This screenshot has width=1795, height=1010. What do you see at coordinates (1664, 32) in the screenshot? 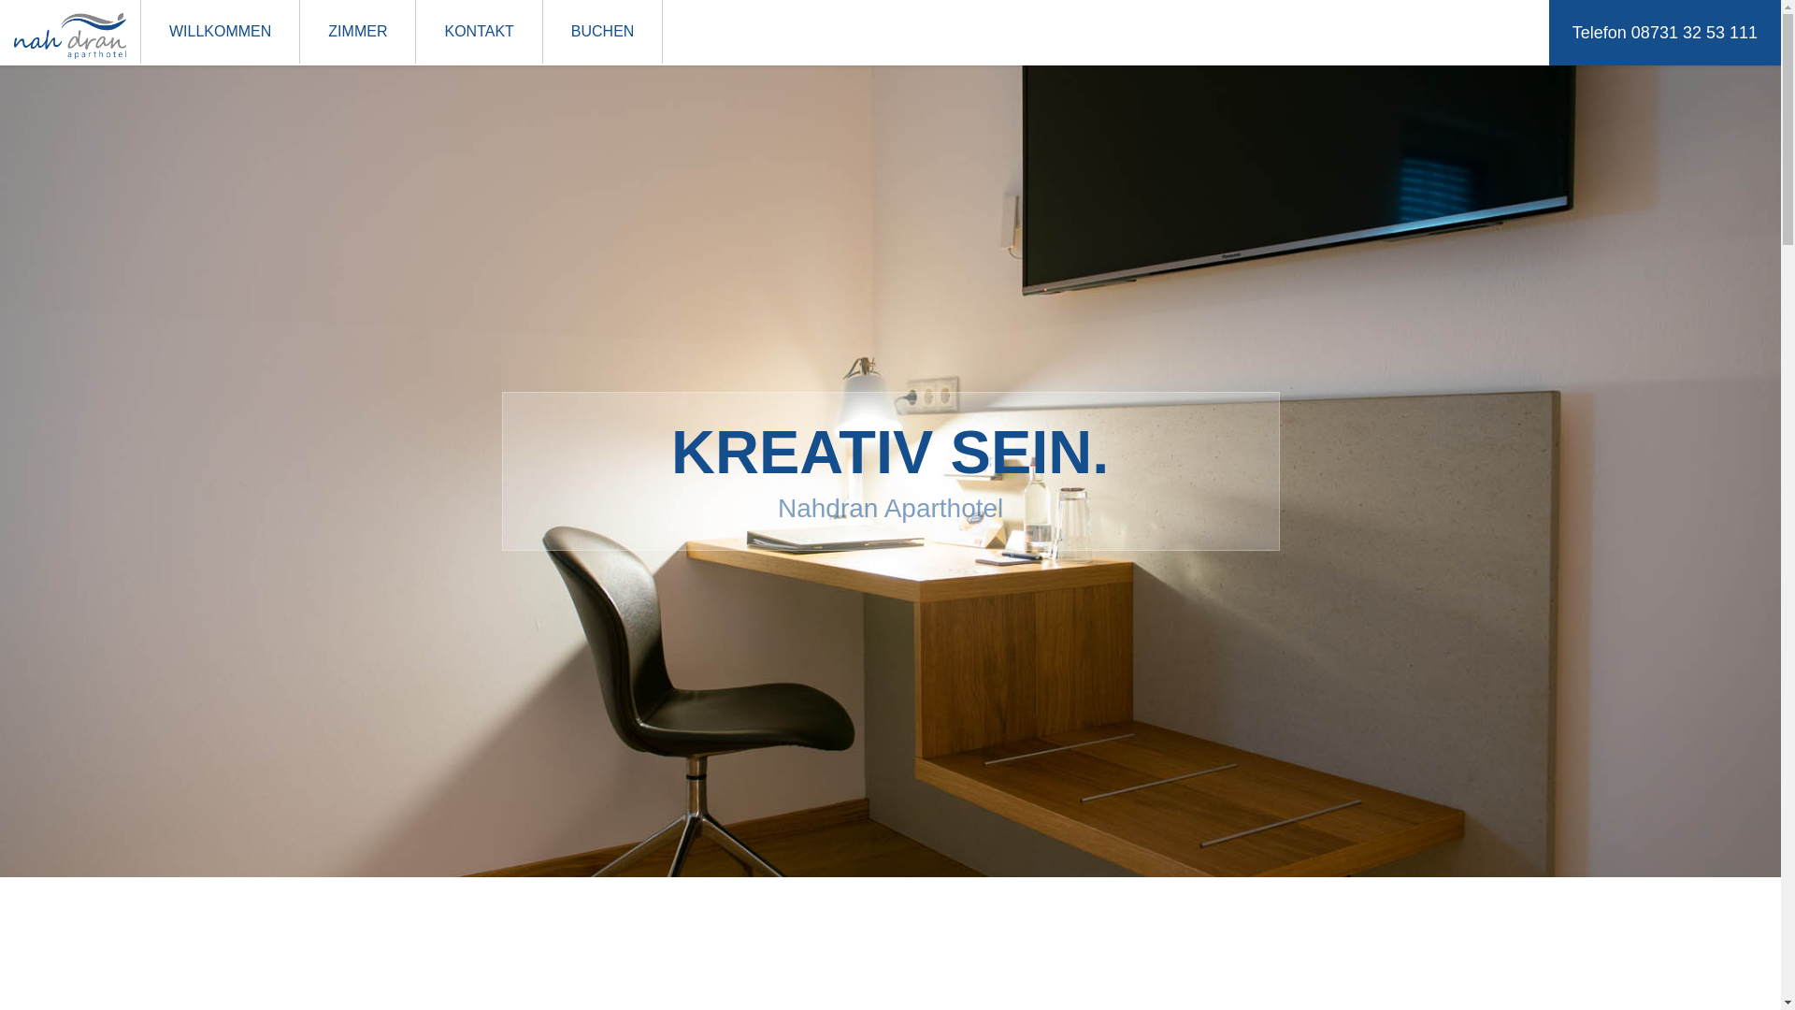
I see `'Telefon 08731 32 53 111'` at bounding box center [1664, 32].